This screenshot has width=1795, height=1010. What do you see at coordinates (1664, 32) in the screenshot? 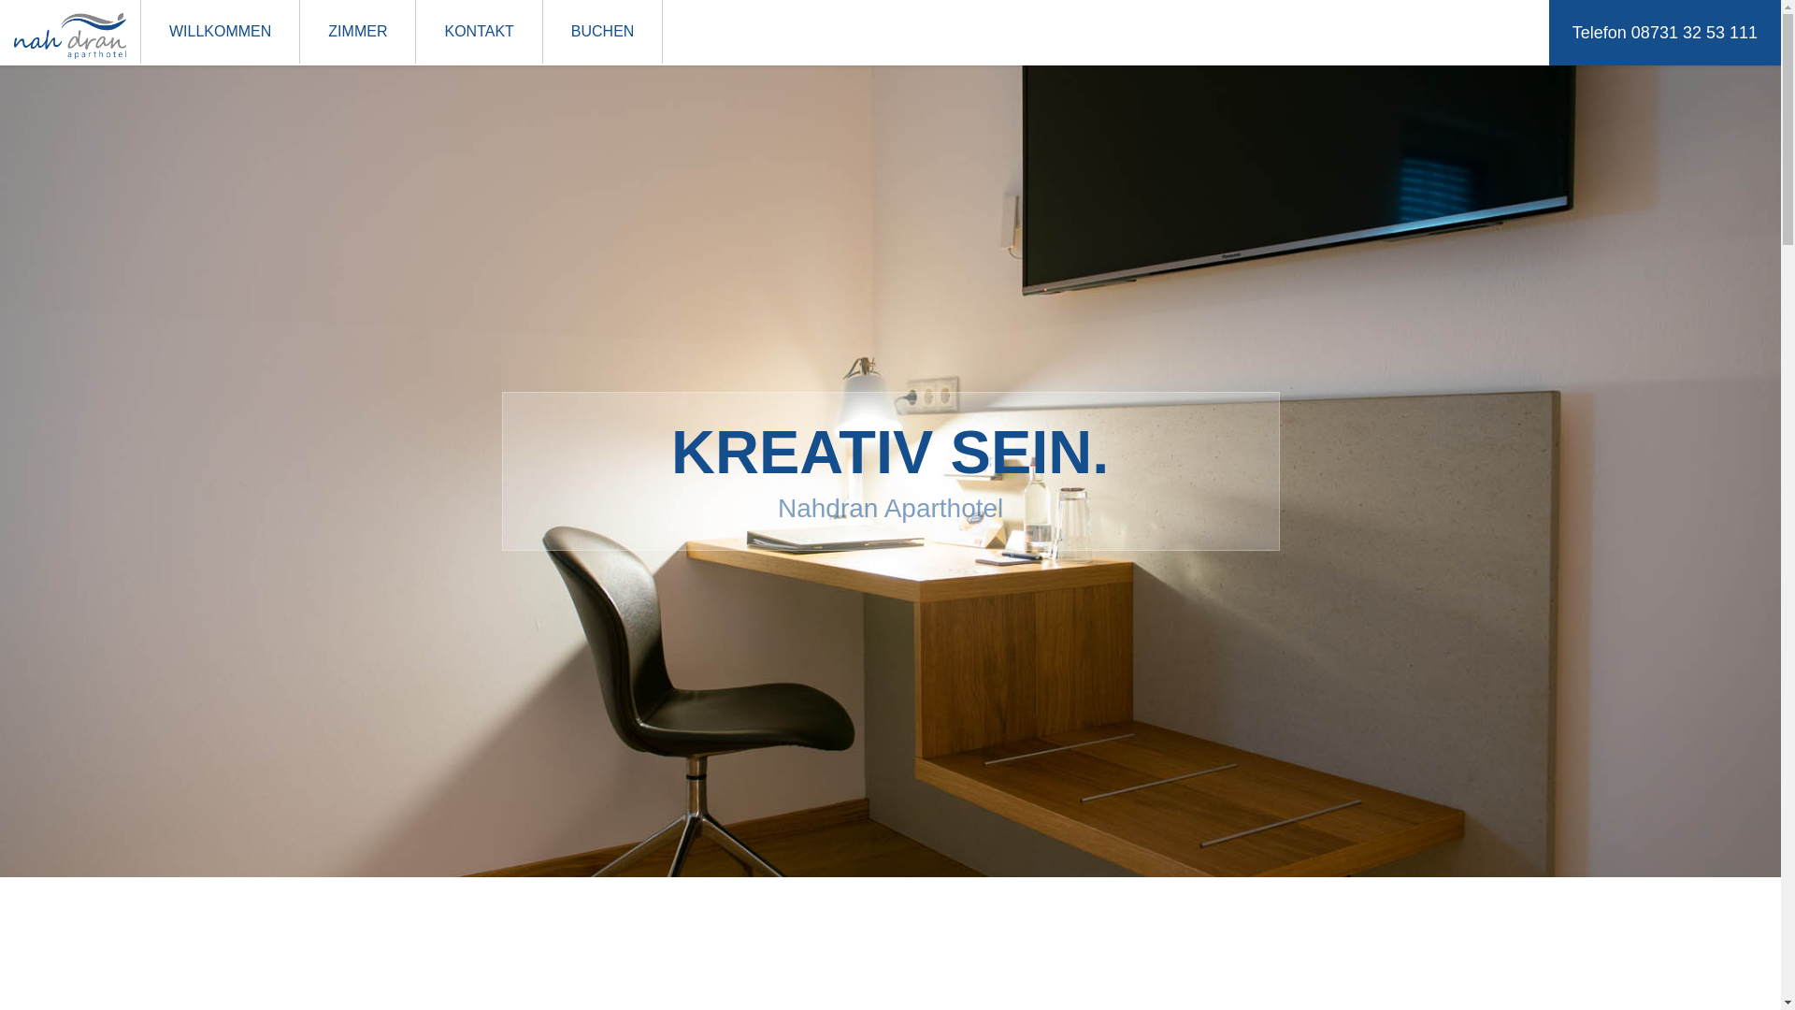
I see `'Telefon 08731 32 53 111'` at bounding box center [1664, 32].